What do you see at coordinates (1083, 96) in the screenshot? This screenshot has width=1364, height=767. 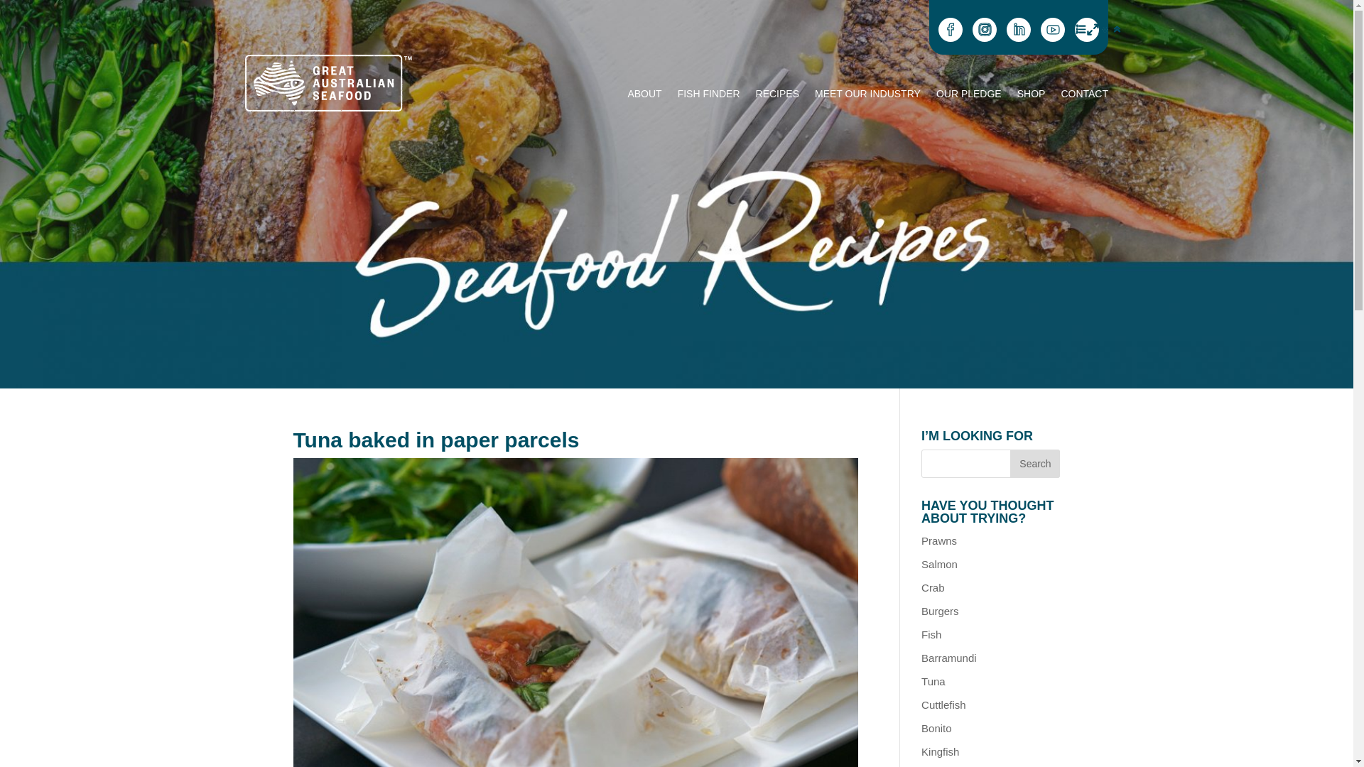 I see `'CONTACT'` at bounding box center [1083, 96].